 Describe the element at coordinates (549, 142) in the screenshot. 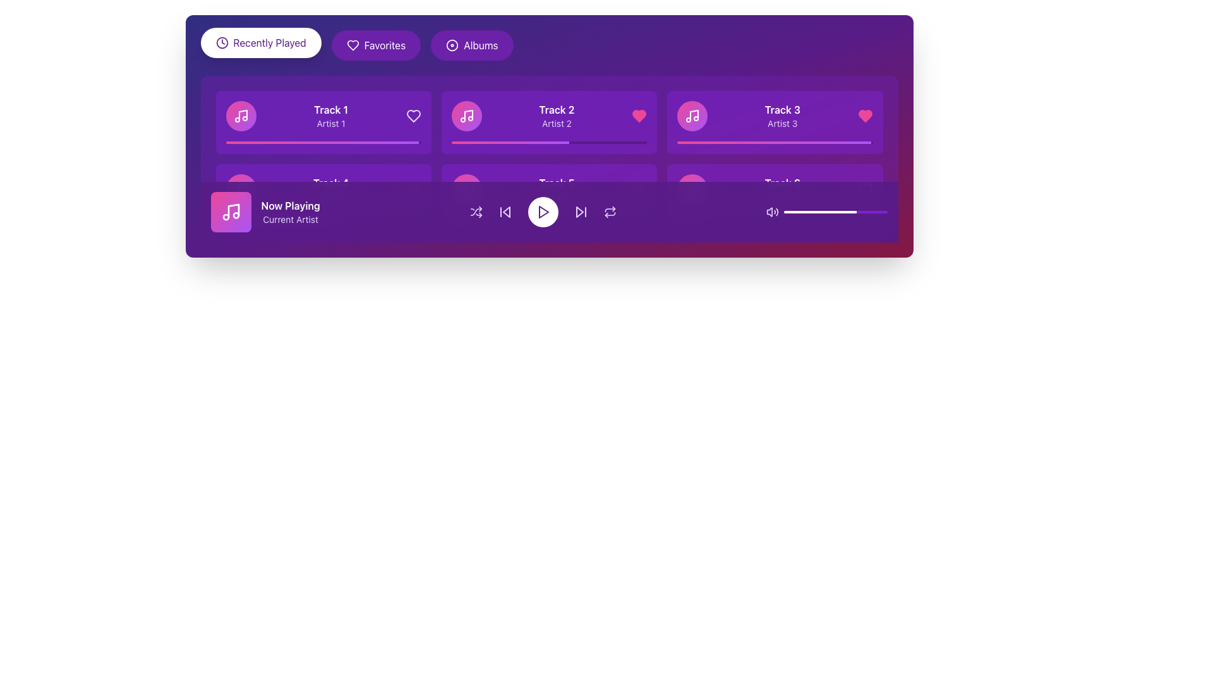

I see `the progress bar element styled with a purple gradient located beneath the title and artist details of 'Track 2' in the second column of the tracks section` at that location.